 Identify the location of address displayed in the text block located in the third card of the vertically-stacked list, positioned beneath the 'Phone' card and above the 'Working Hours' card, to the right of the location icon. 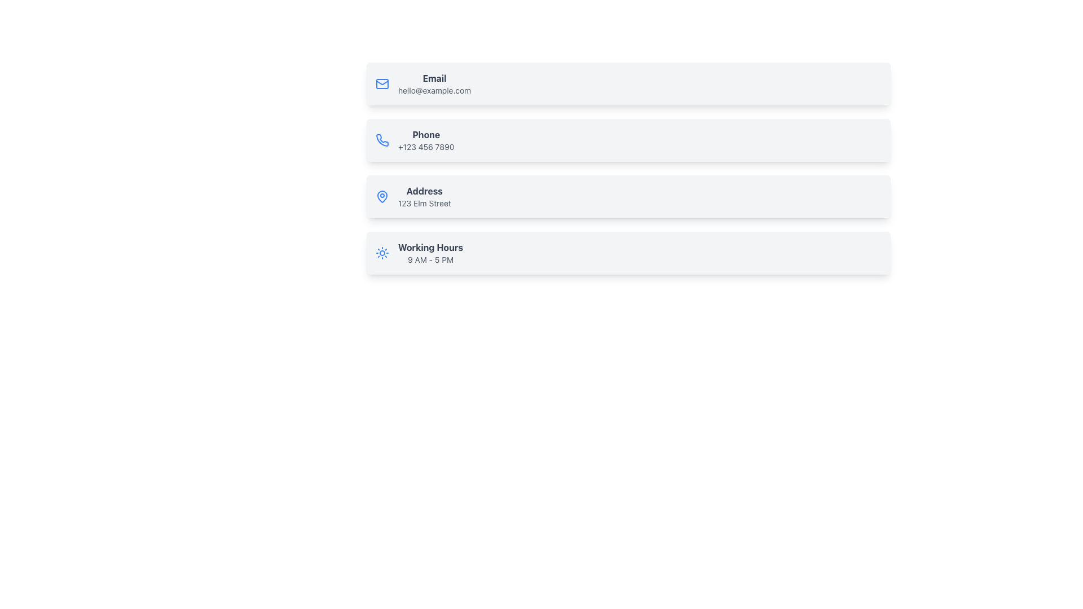
(424, 196).